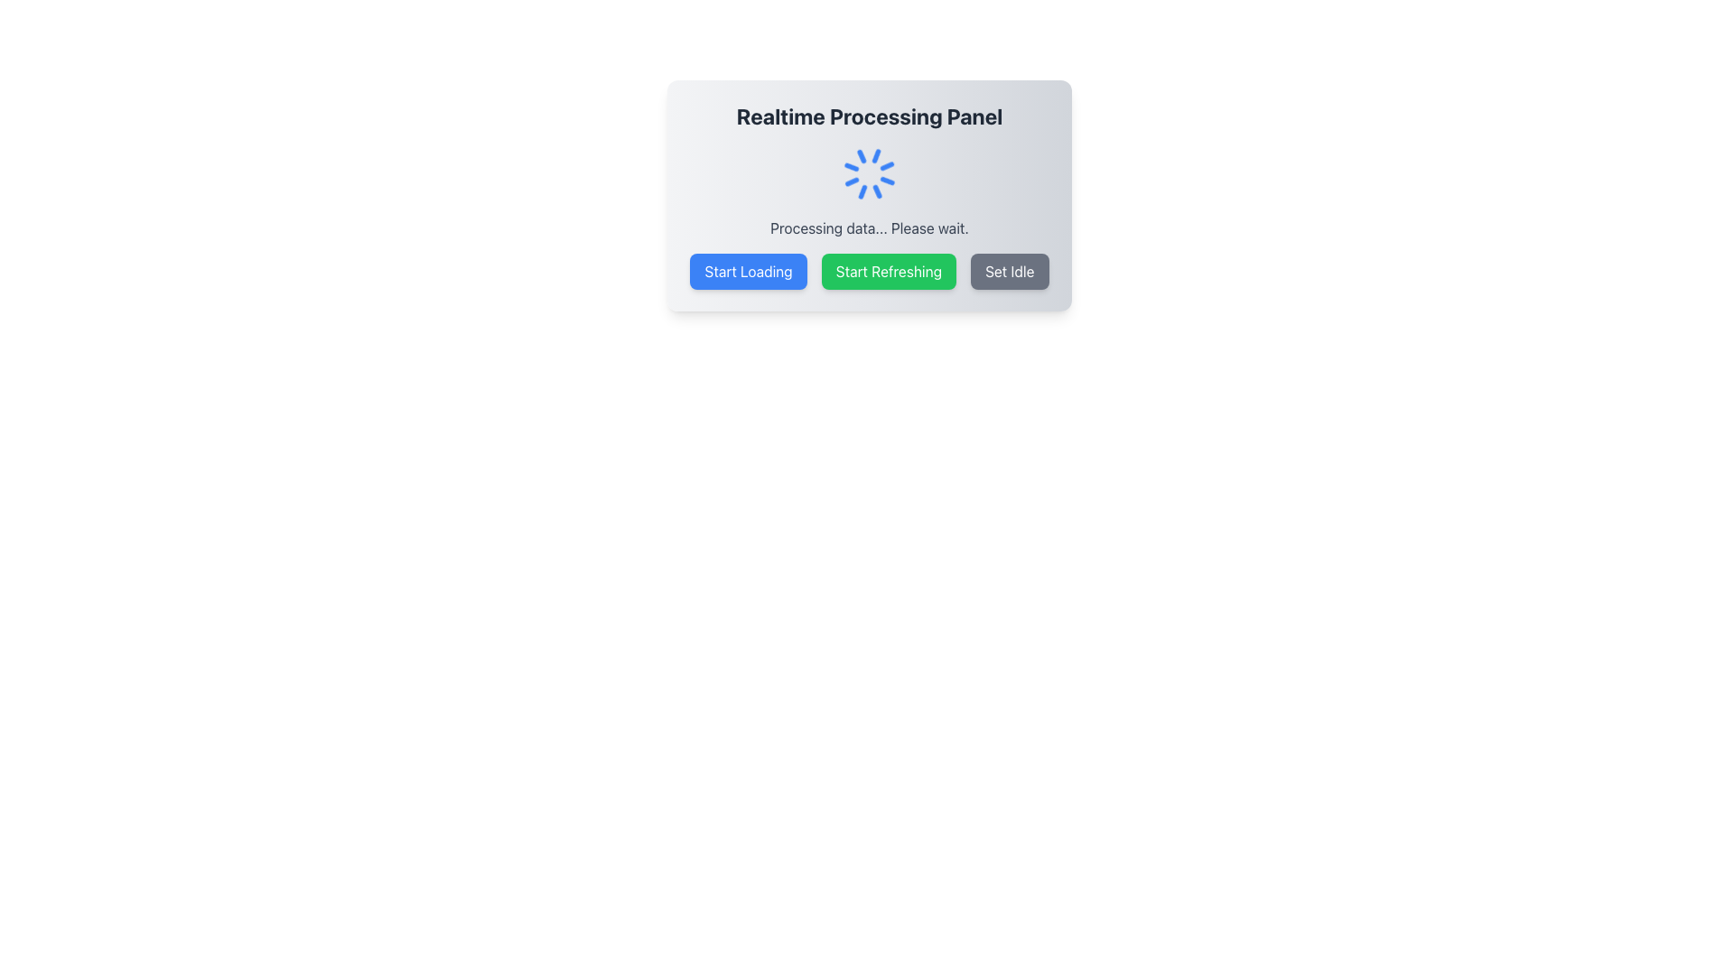 The image size is (1734, 975). I want to click on the idle button, which is the rightmost button in a horizontal group of three buttons located below the 'Processing data... Please wait.' text, so click(1009, 271).